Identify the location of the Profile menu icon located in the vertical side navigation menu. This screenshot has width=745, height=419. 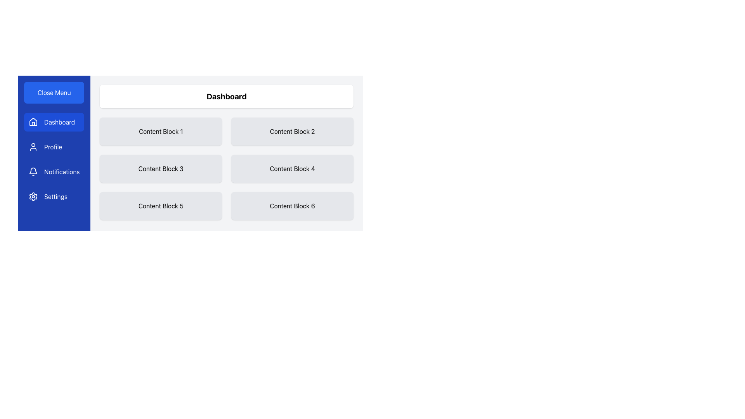
(33, 147).